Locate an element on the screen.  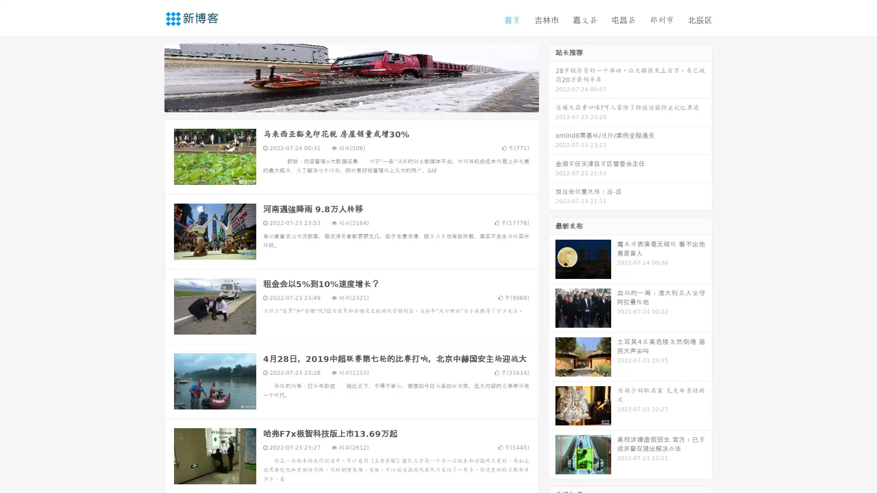
Go to slide 1 is located at coordinates (342, 103).